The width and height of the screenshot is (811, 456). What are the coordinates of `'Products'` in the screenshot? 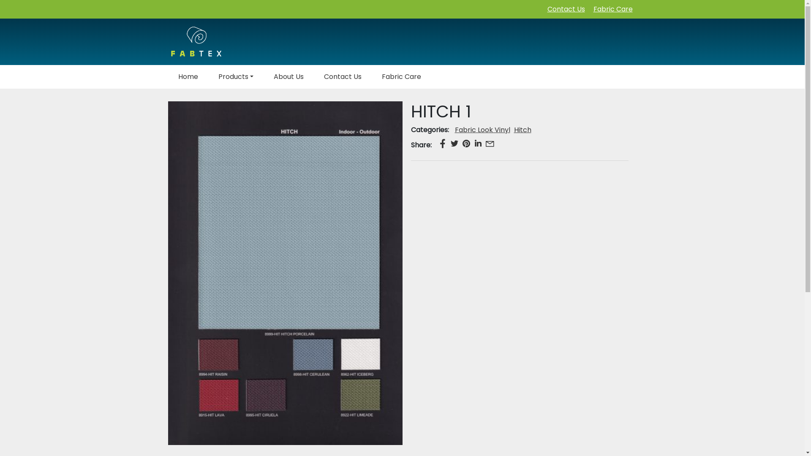 It's located at (235, 76).